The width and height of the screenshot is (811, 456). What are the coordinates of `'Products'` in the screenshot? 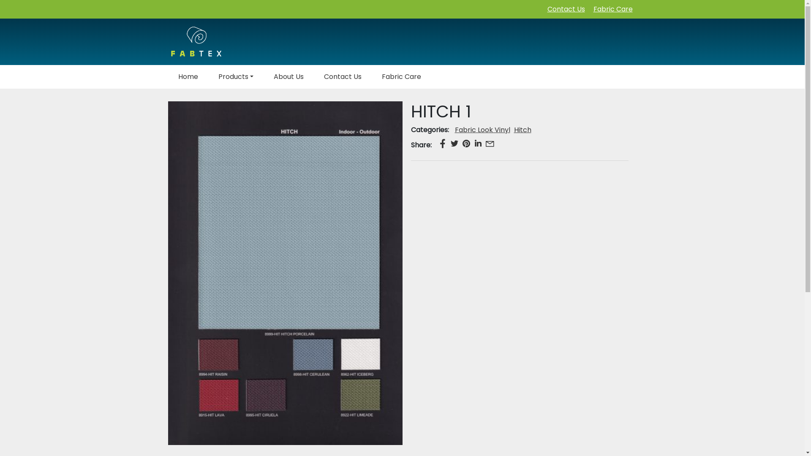 It's located at (235, 76).